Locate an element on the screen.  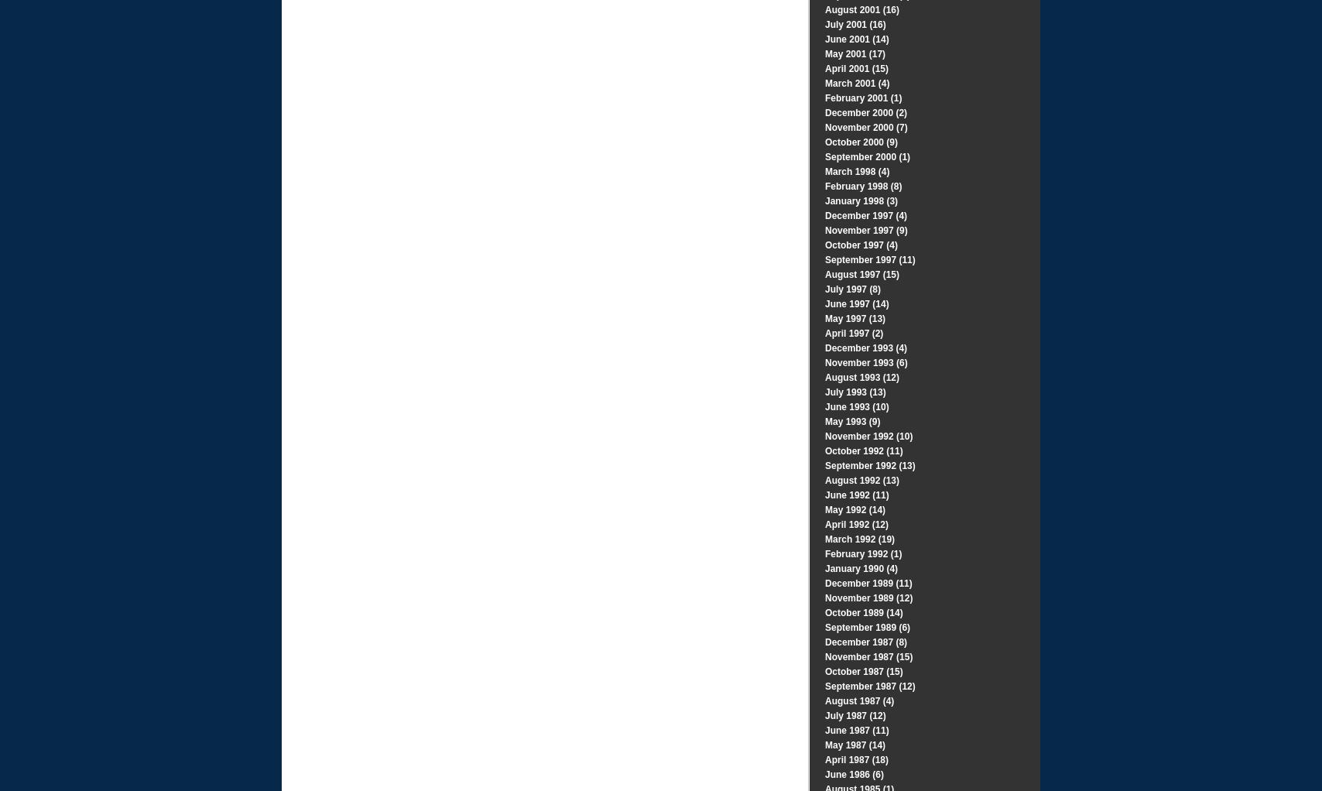
'December 1997 (4)' is located at coordinates (866, 216).